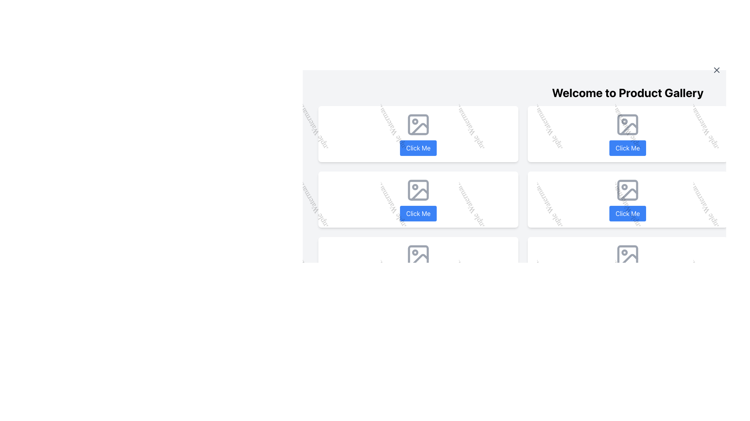 The image size is (750, 421). I want to click on the Close Button (X icon) located at the top-right corner of the interface to potentially change its appearance, so click(716, 70).